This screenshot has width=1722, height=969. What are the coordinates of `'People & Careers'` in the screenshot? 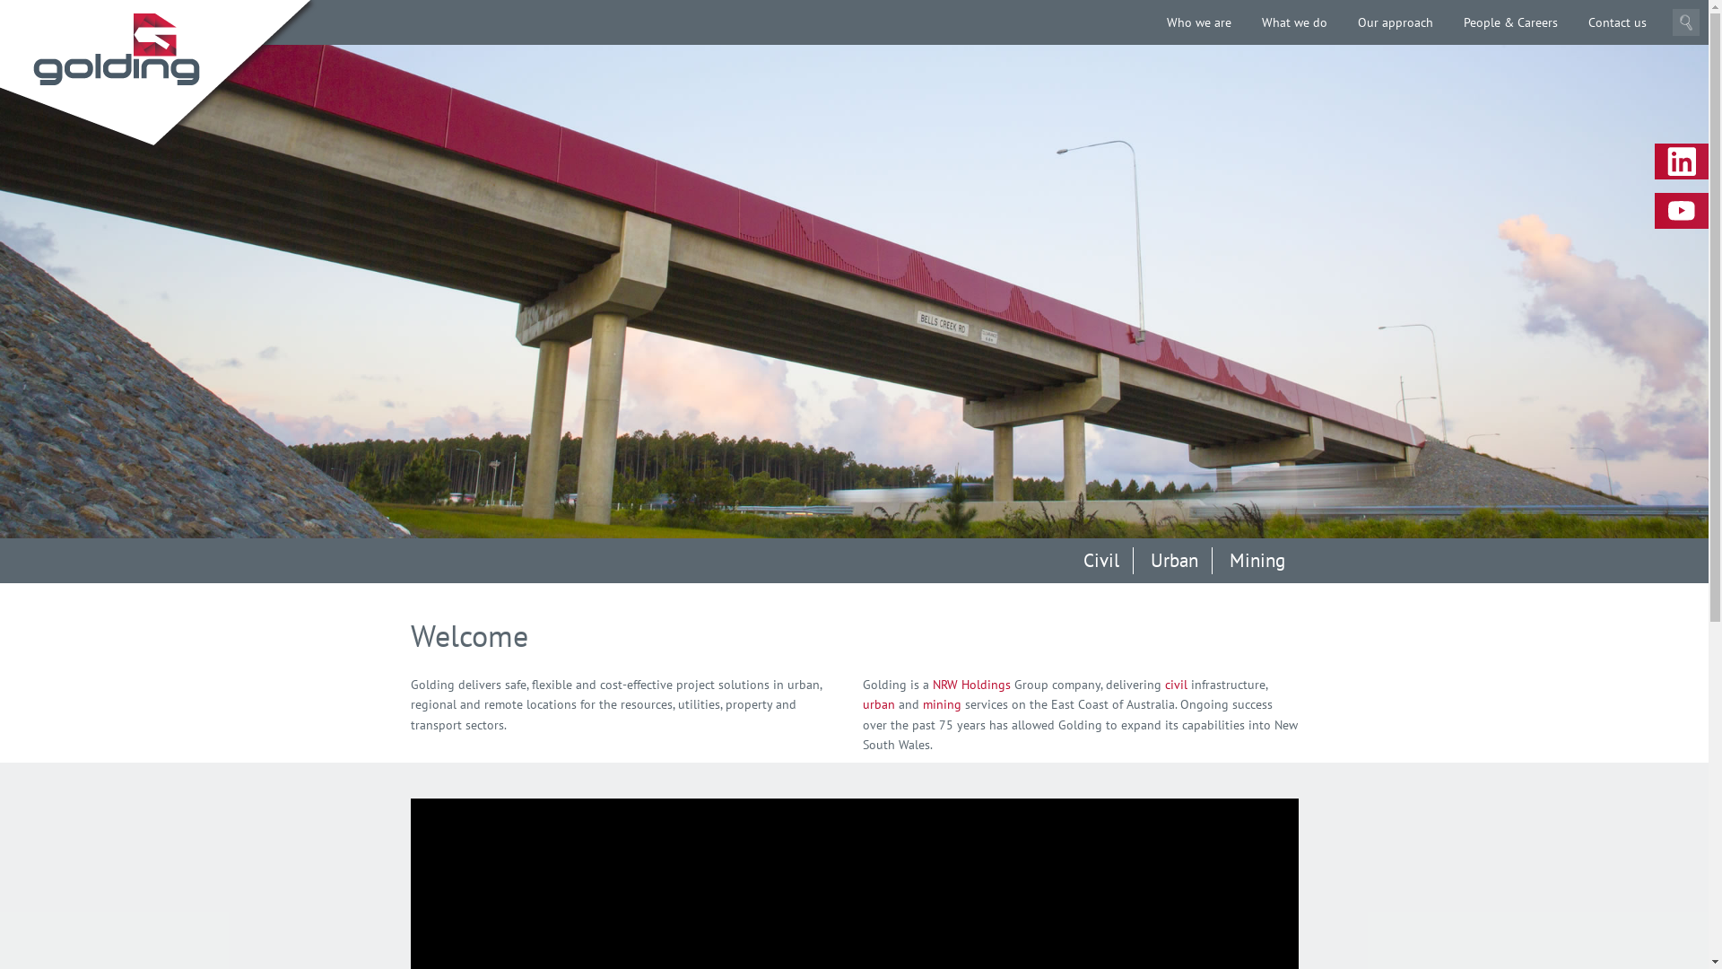 It's located at (1509, 22).